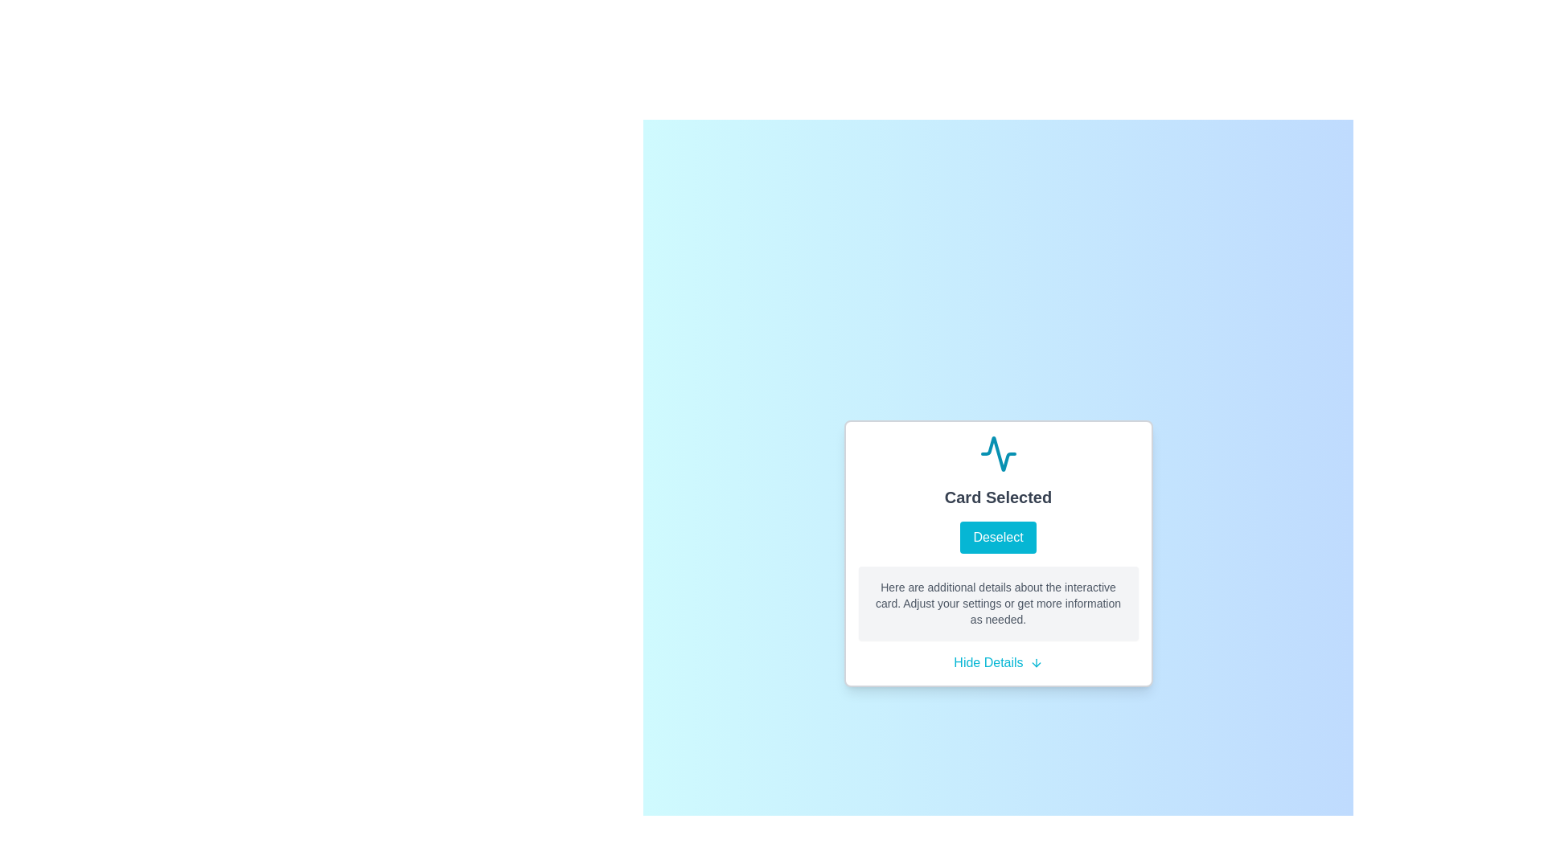 Image resolution: width=1544 pixels, height=868 pixels. What do you see at coordinates (1036, 663) in the screenshot?
I see `the collapsible state icon located to the right of the 'Hide Details' text in the footer section of the modal dialog box` at bounding box center [1036, 663].